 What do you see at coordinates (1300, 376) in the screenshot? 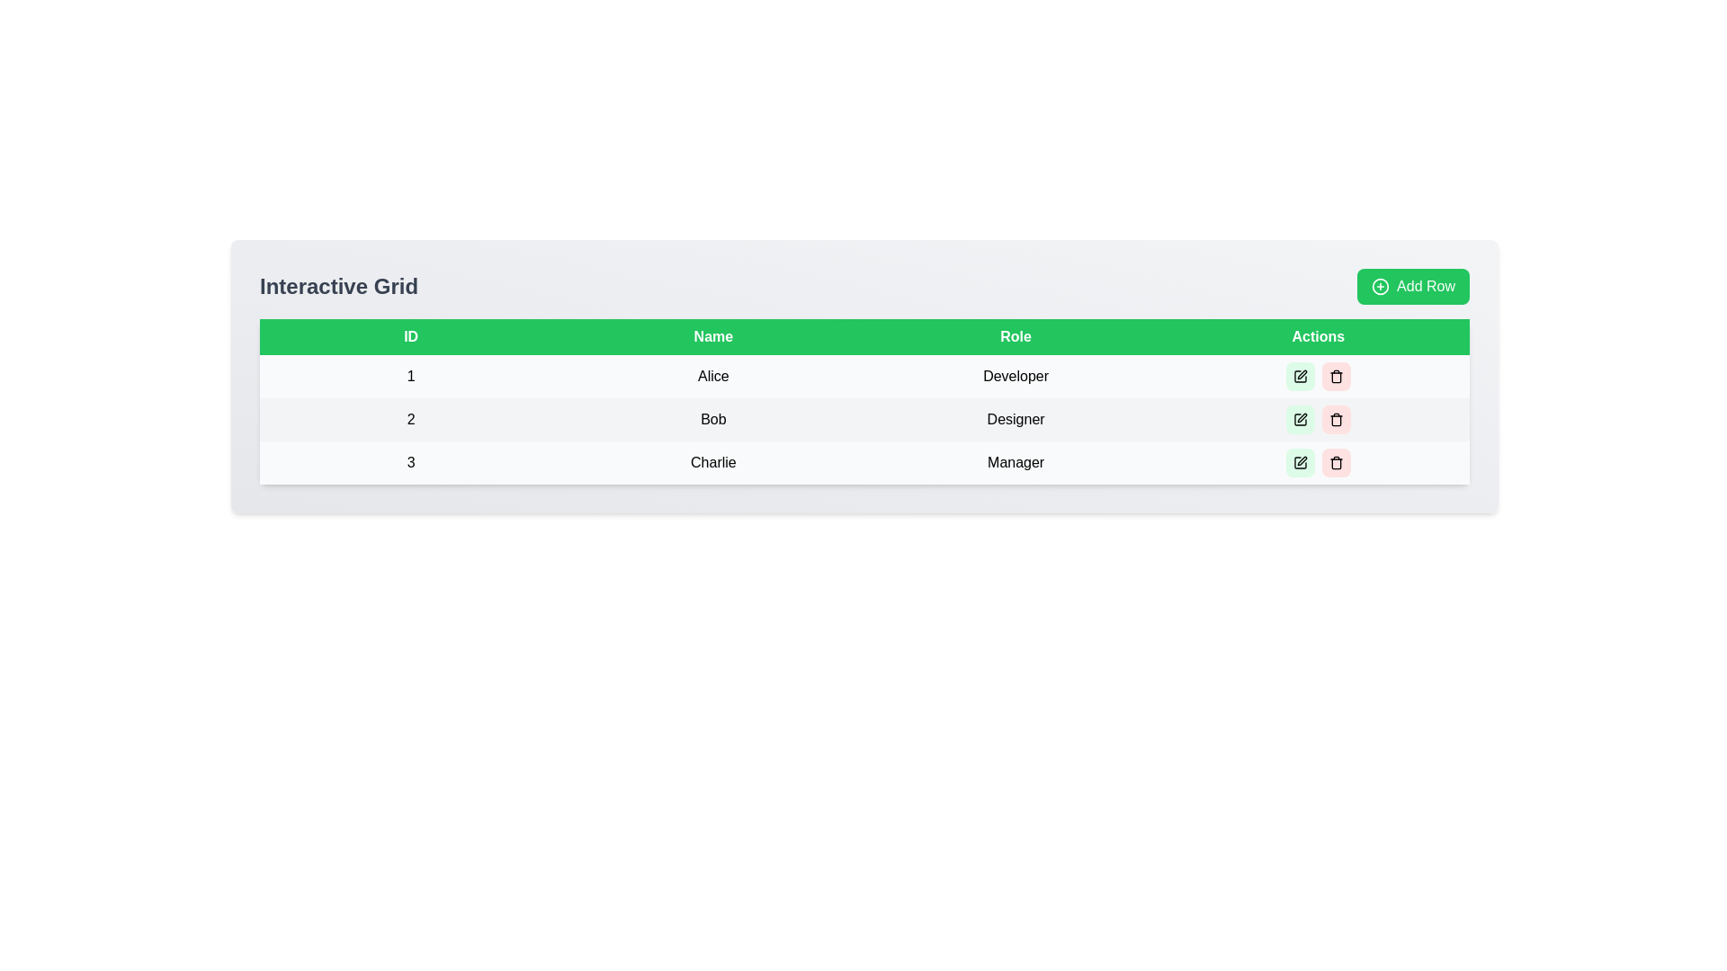
I see `the leftmost icon in the 'Actions' column of the first row in the data grid table` at bounding box center [1300, 376].